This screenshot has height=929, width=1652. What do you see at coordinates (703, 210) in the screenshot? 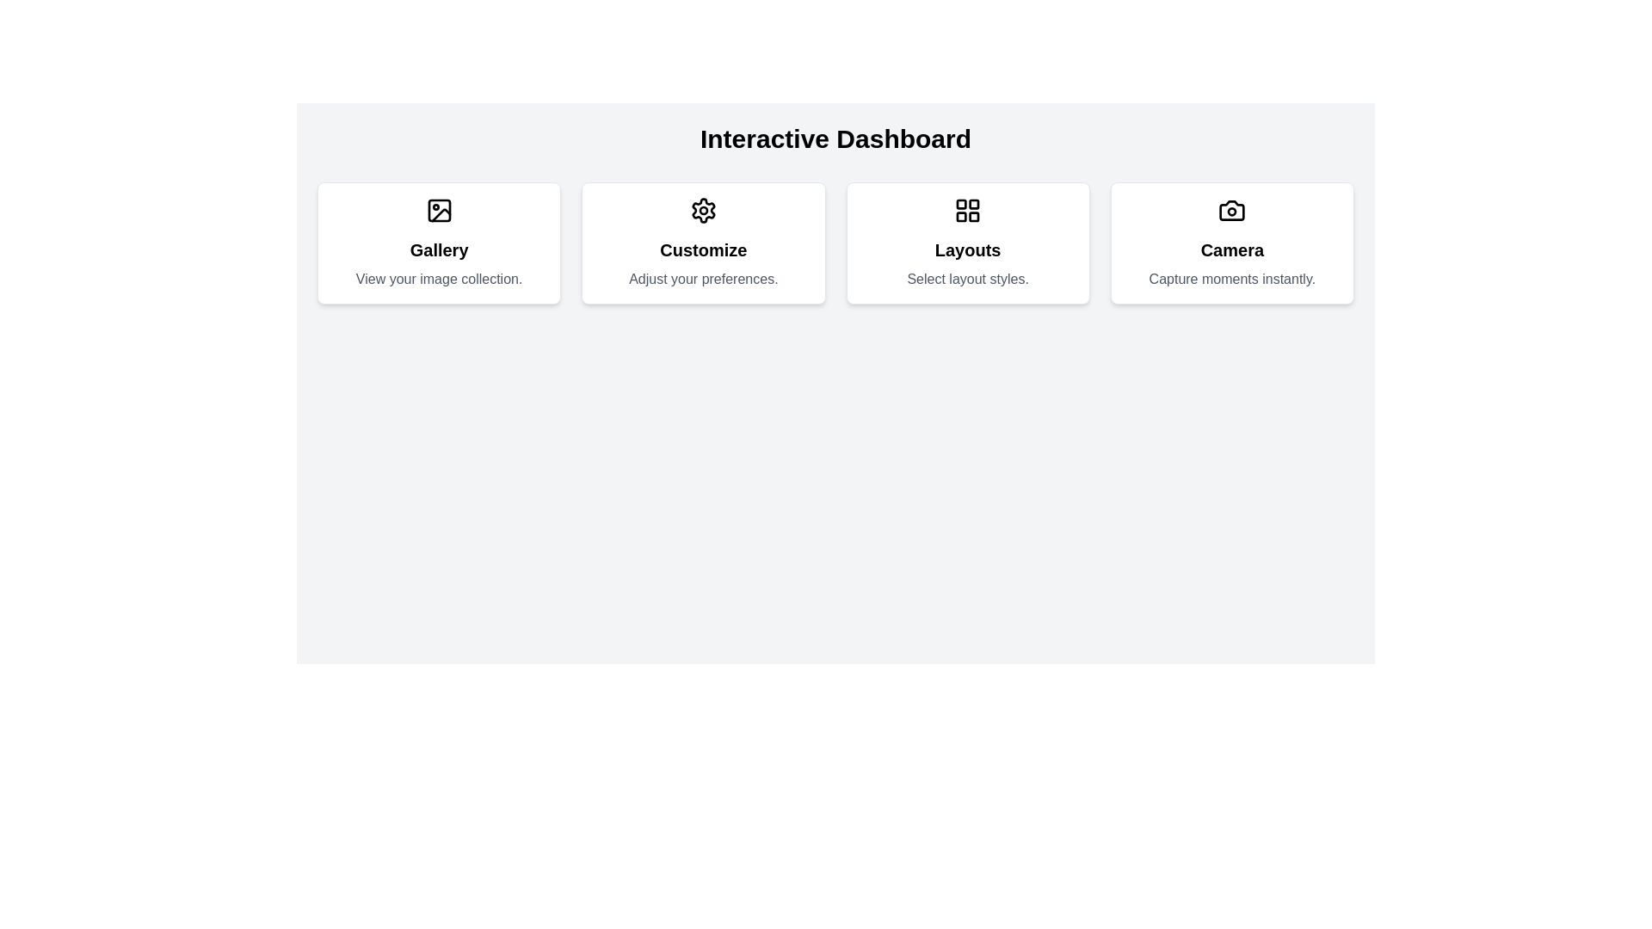
I see `the cogwheel-shaped icon in the Customize section of the dashboard interface, which is located between the Gallery and Layouts sections` at bounding box center [703, 210].